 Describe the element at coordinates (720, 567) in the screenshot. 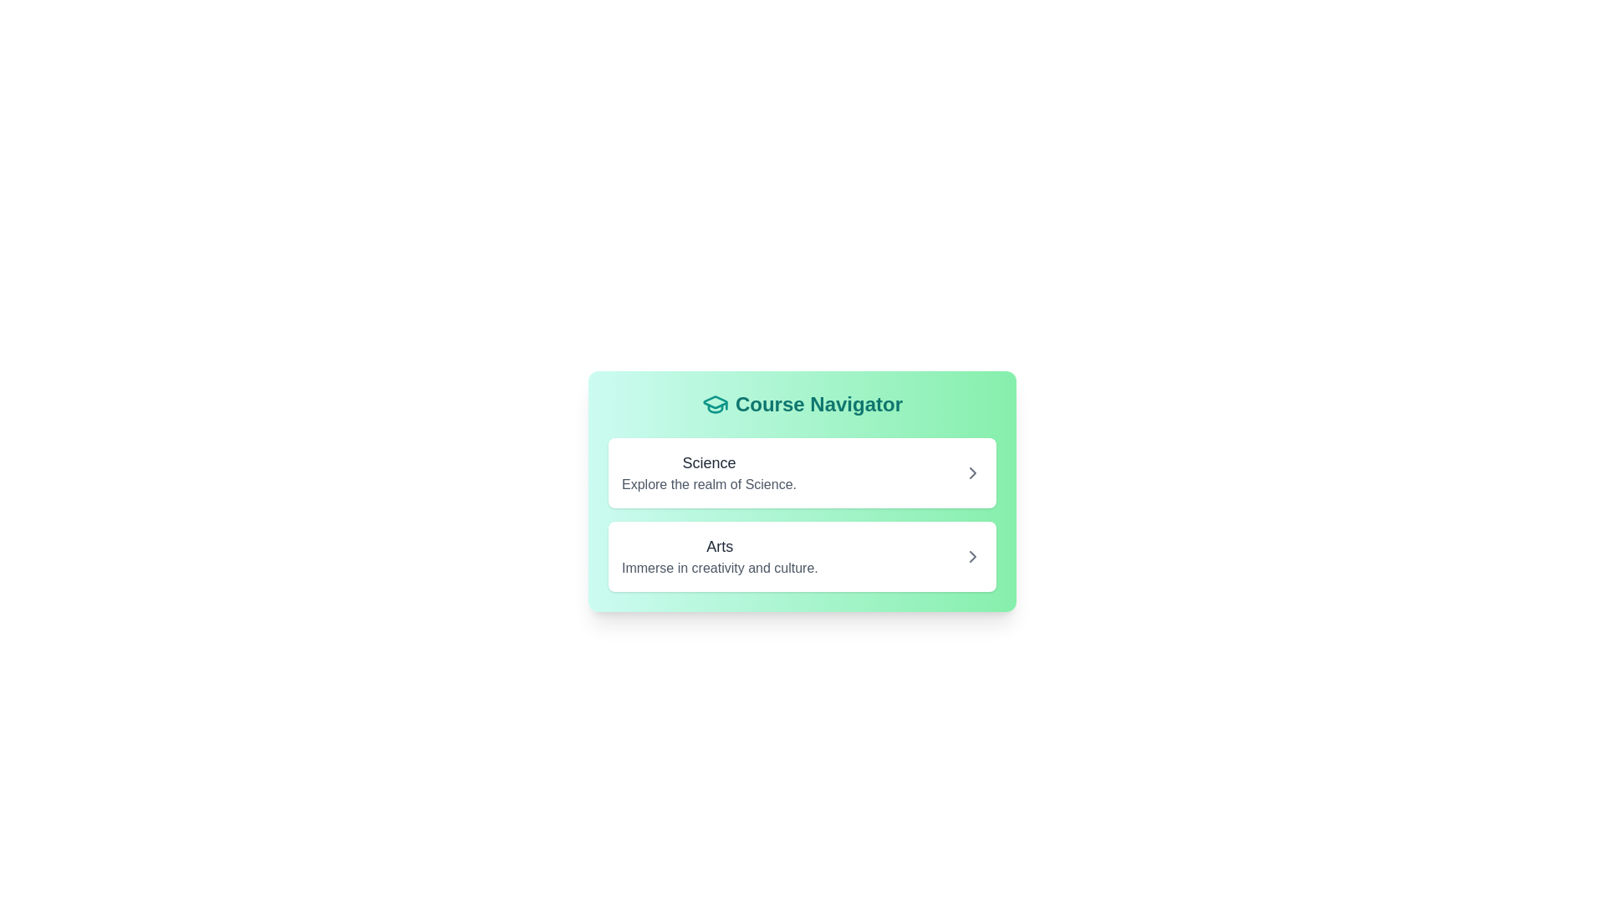

I see `the text label that says 'Immerse in creativity and culture.' which is styled in muted gray and located beneath the 'Arts' title within a white card in a green-themed interface` at that location.